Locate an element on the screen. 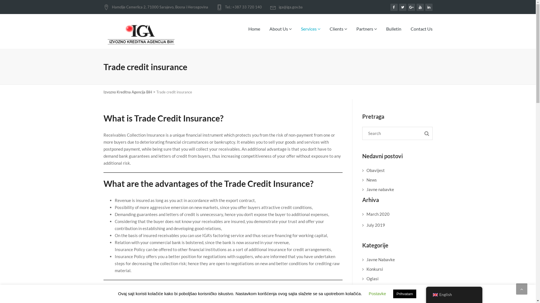 The height and width of the screenshot is (303, 540). 'Konkursi' is located at coordinates (374, 269).